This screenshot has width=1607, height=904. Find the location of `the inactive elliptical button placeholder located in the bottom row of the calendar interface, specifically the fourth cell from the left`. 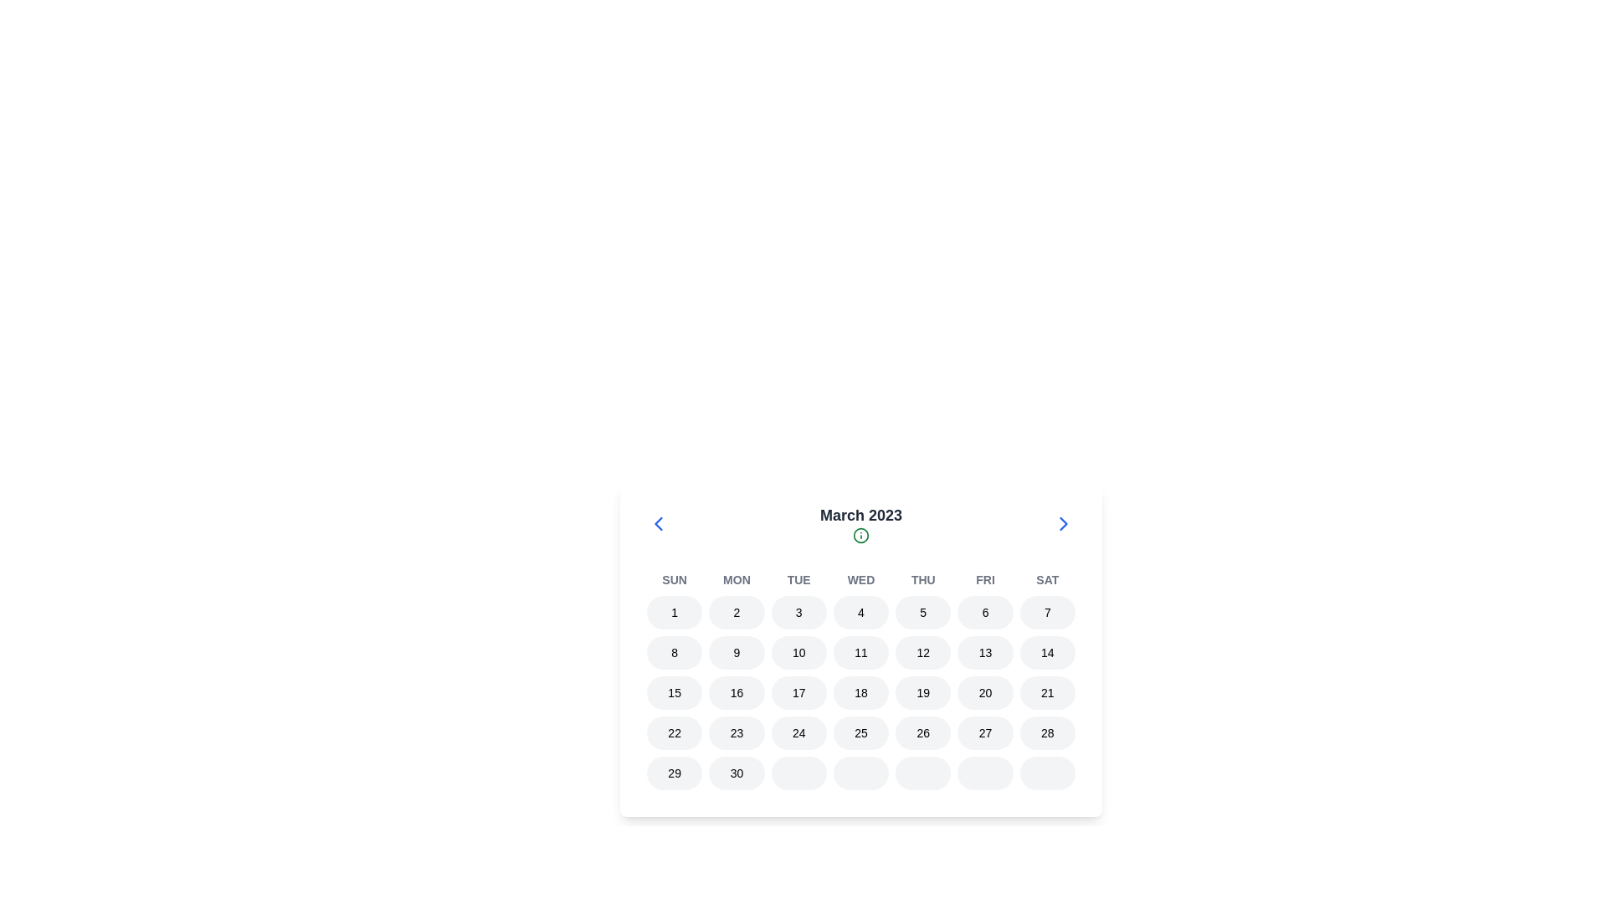

the inactive elliptical button placeholder located in the bottom row of the calendar interface, specifically the fourth cell from the left is located at coordinates (860, 773).